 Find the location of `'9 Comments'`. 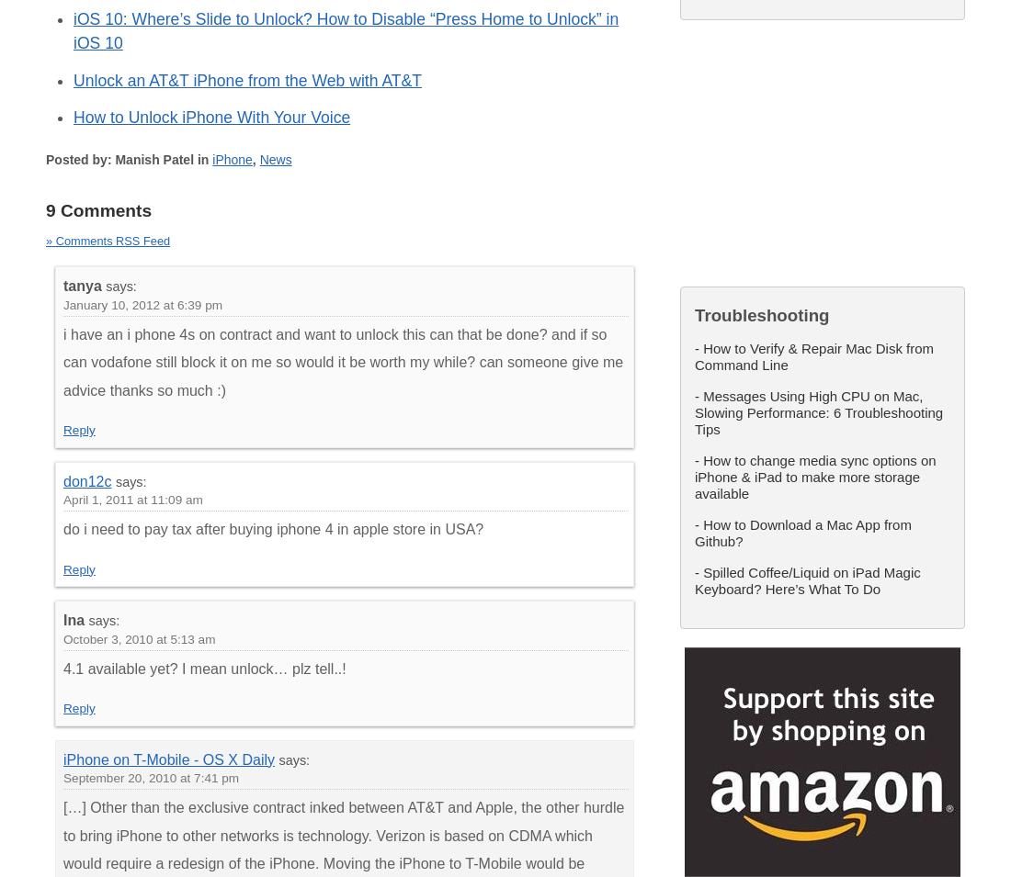

'9 Comments' is located at coordinates (98, 210).